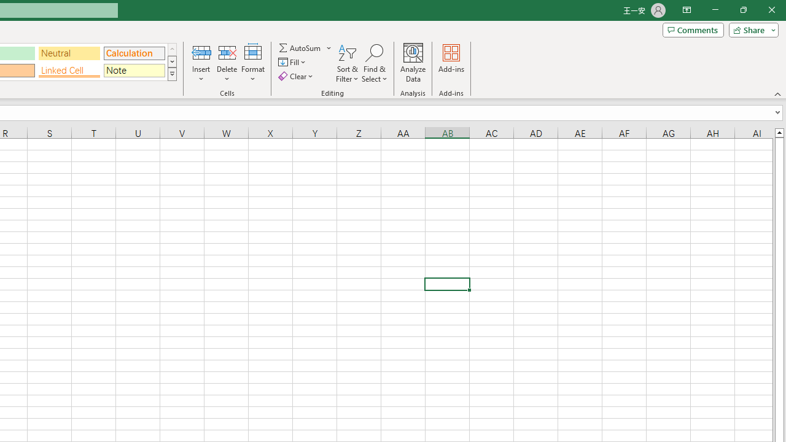 The image size is (786, 442). What do you see at coordinates (750, 29) in the screenshot?
I see `'Share'` at bounding box center [750, 29].